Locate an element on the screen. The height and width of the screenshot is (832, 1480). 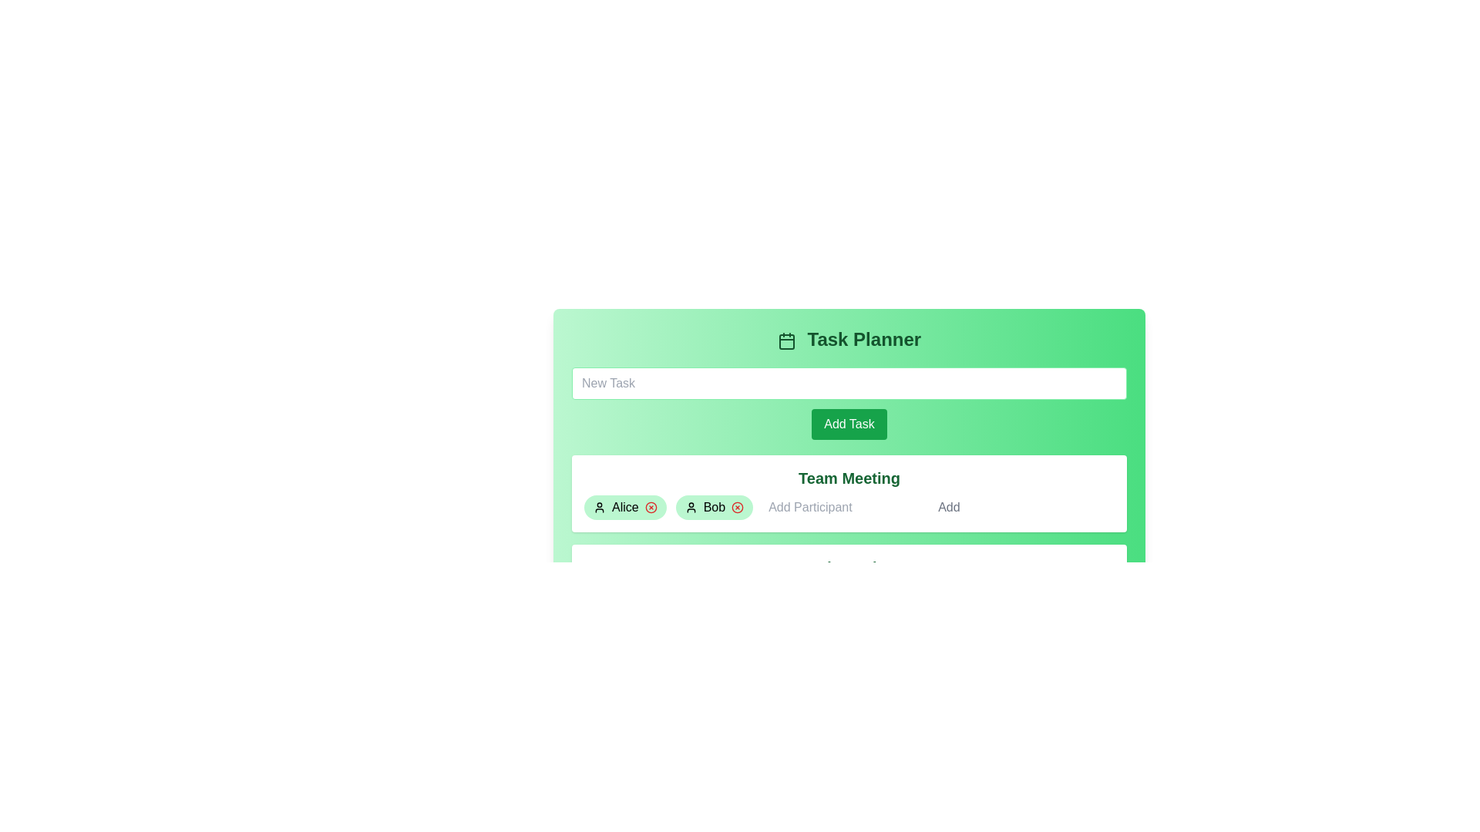
the 'Add Task' button located centrally beneath the 'New Task' input field is located at coordinates (849, 424).